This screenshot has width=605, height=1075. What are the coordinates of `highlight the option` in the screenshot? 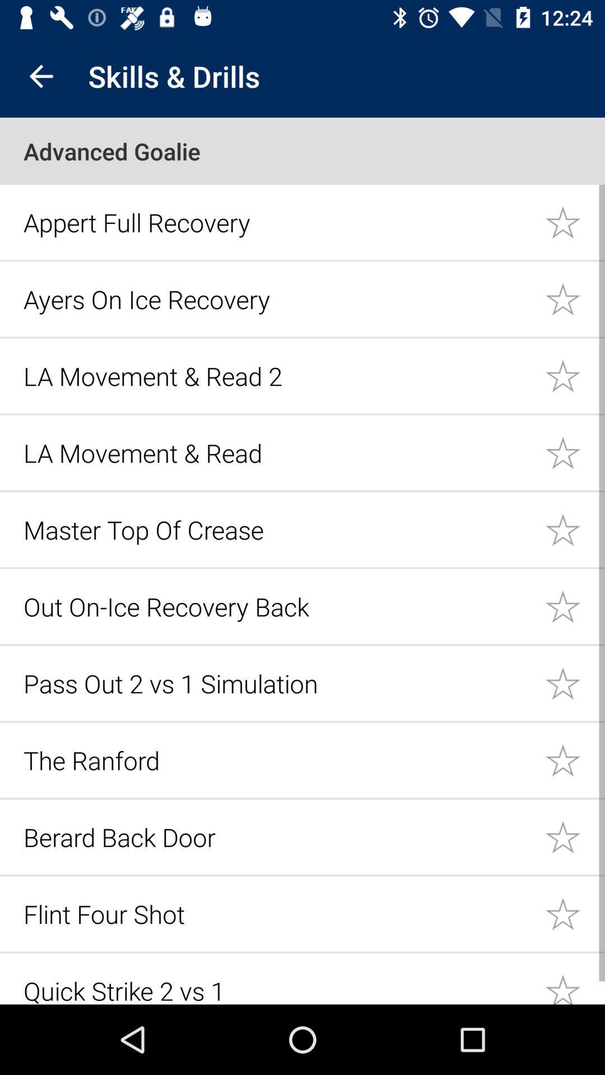 It's located at (575, 298).